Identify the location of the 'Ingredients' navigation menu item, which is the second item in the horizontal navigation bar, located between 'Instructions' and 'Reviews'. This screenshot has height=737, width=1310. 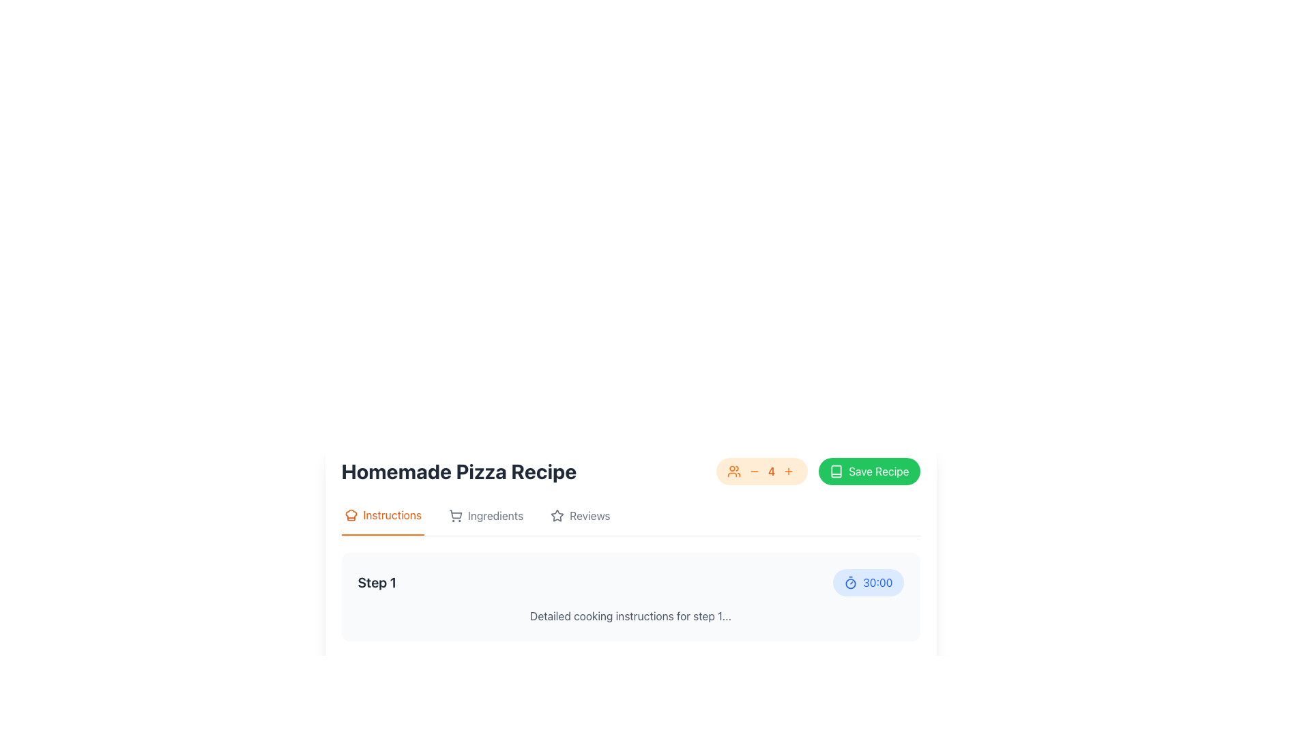
(486, 521).